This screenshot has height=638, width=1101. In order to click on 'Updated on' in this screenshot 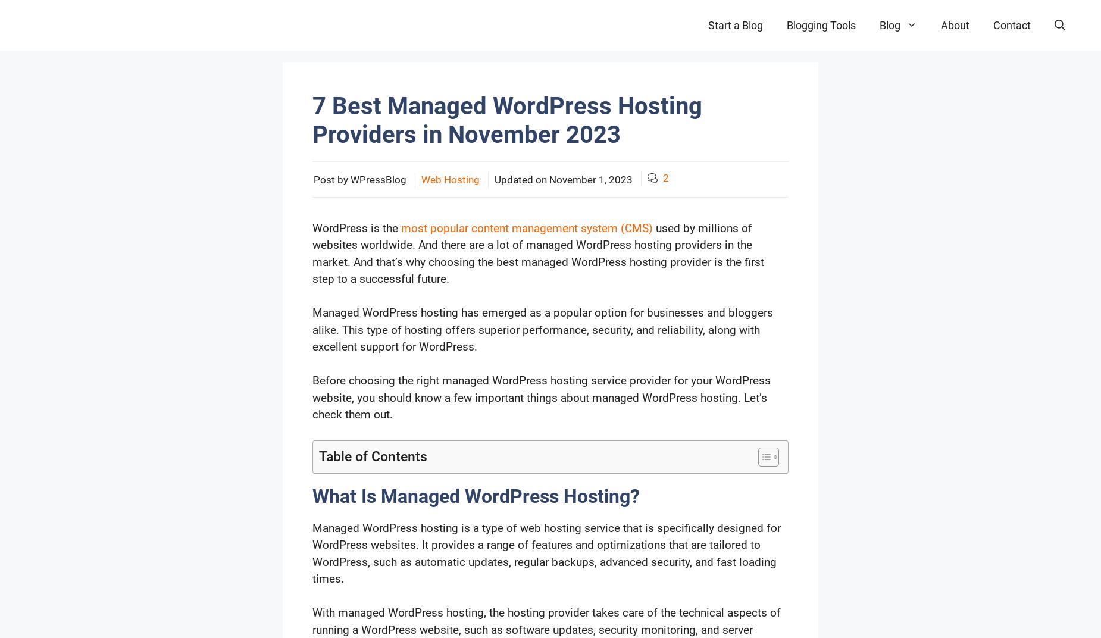, I will do `click(495, 179)`.